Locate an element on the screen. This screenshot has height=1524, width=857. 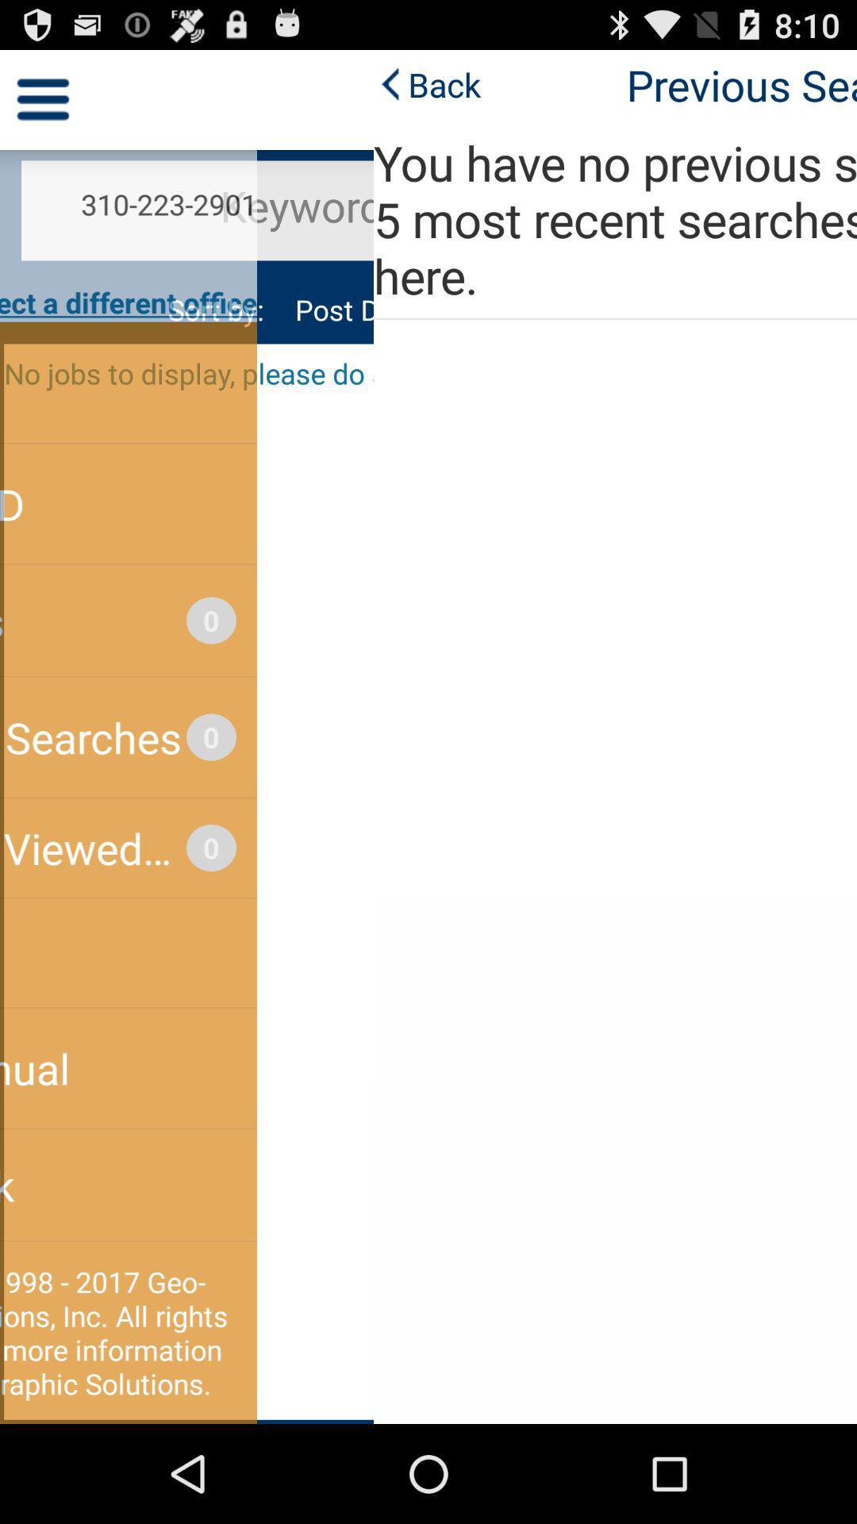
back app is located at coordinates (52, 83).